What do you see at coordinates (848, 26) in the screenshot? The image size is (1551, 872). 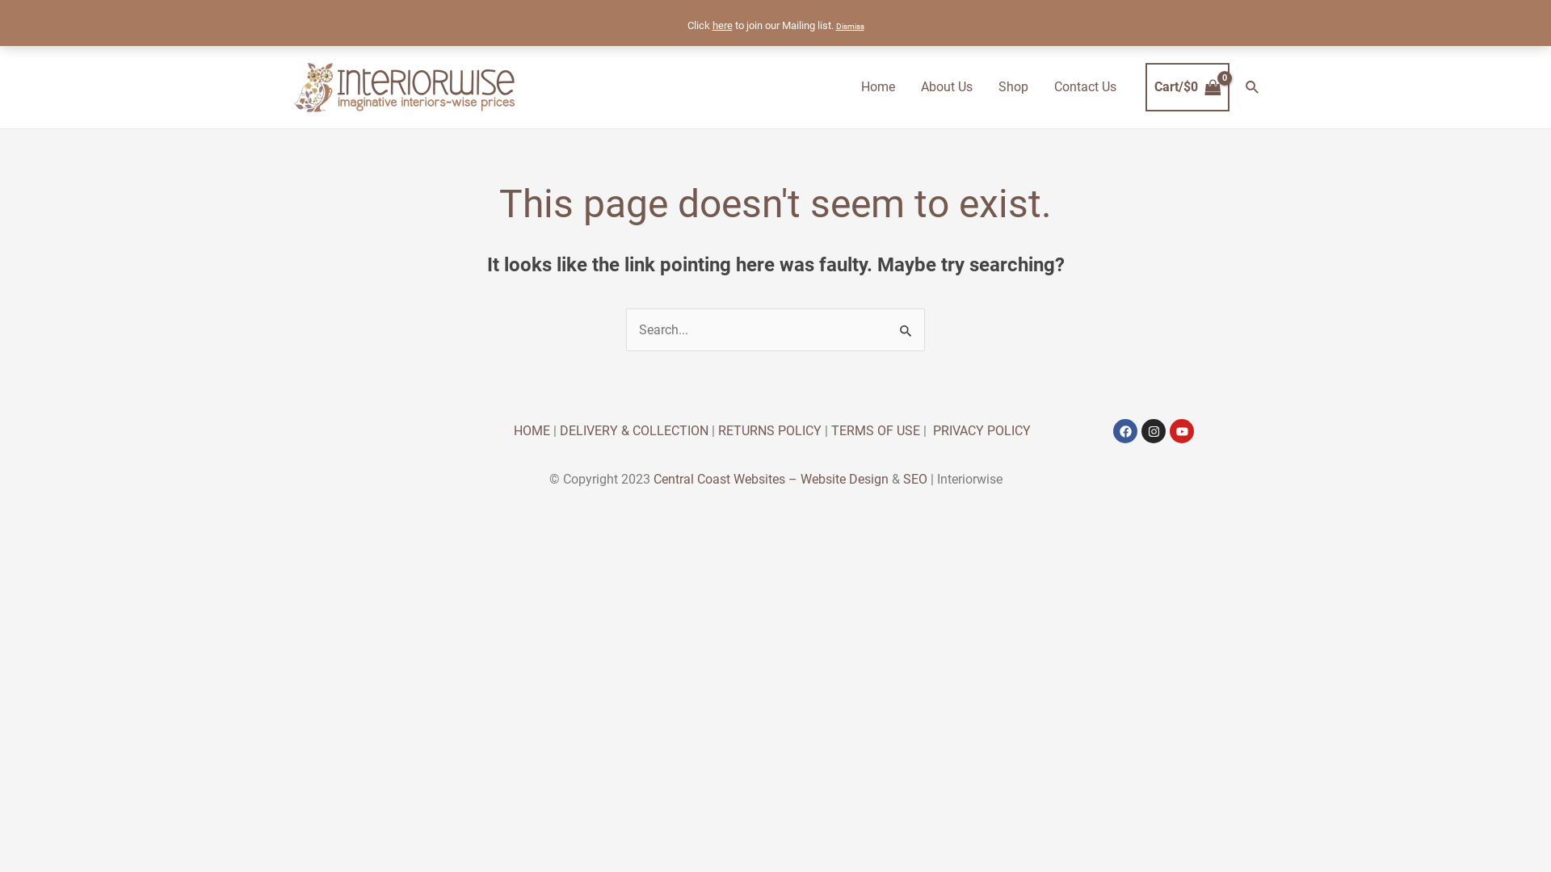 I see `'Dismiss'` at bounding box center [848, 26].